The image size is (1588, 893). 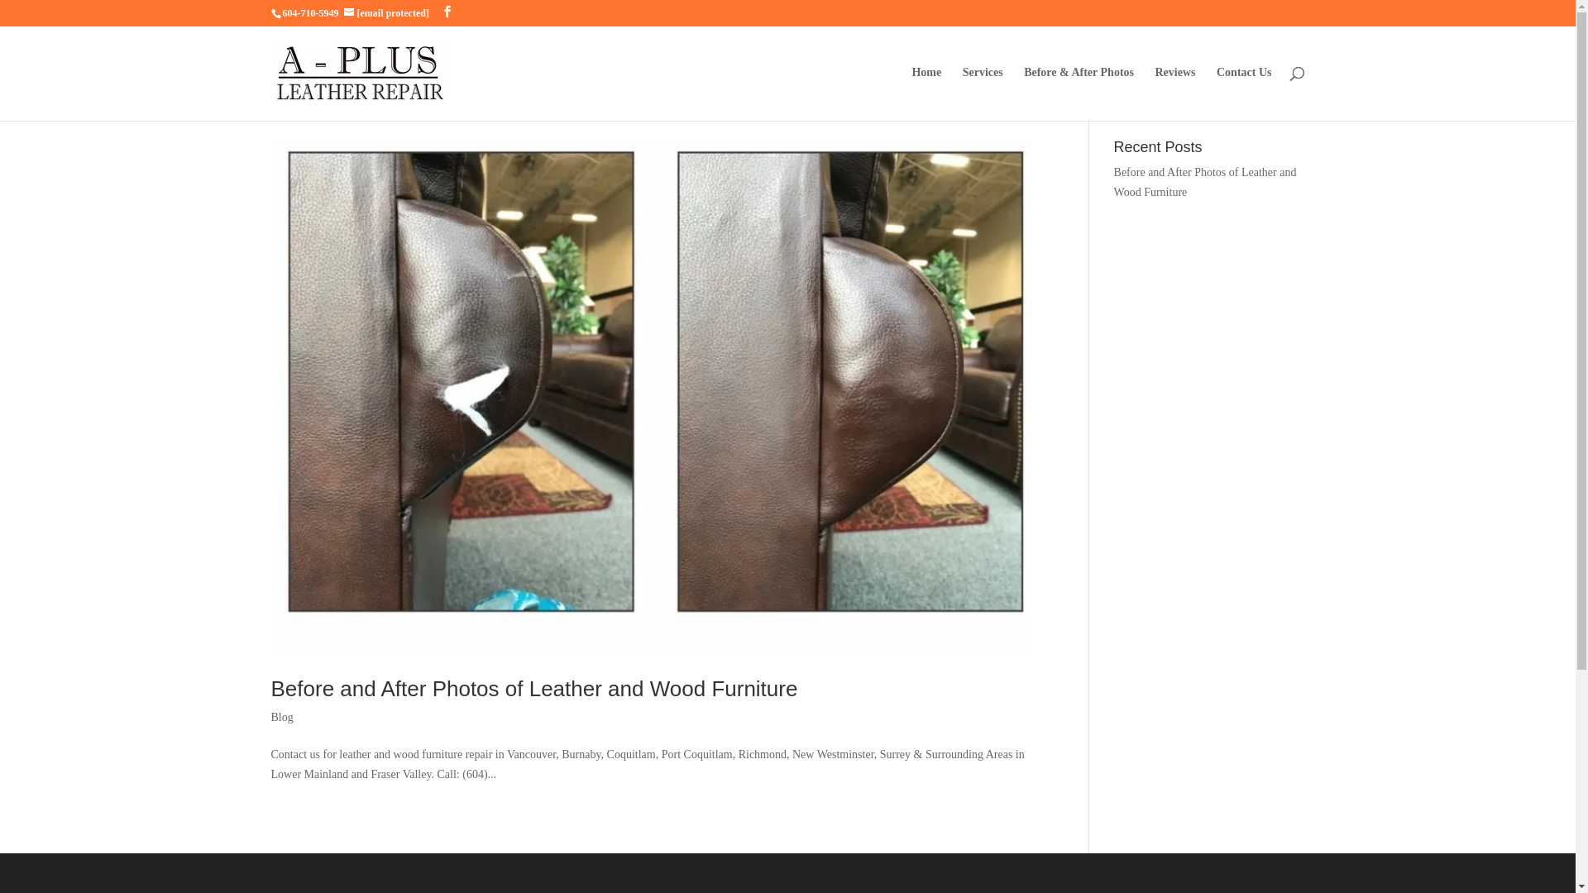 I want to click on 'Services', so click(x=983, y=93).